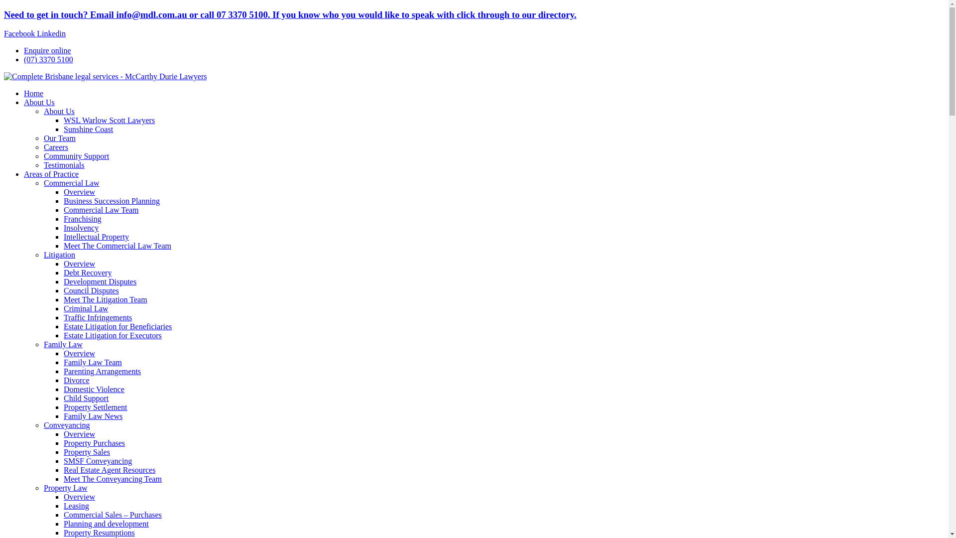  Describe the element at coordinates (20, 33) in the screenshot. I see `'Facebook'` at that location.